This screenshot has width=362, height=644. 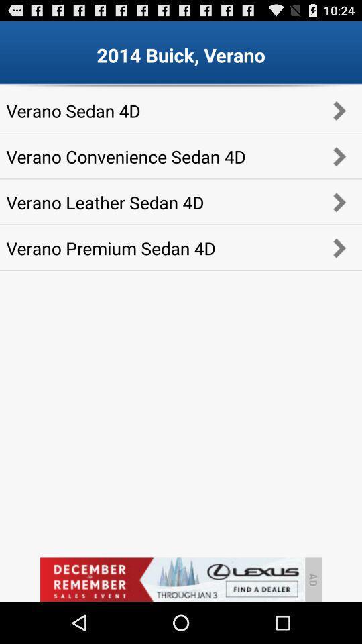 I want to click on open advertisement, so click(x=172, y=579).